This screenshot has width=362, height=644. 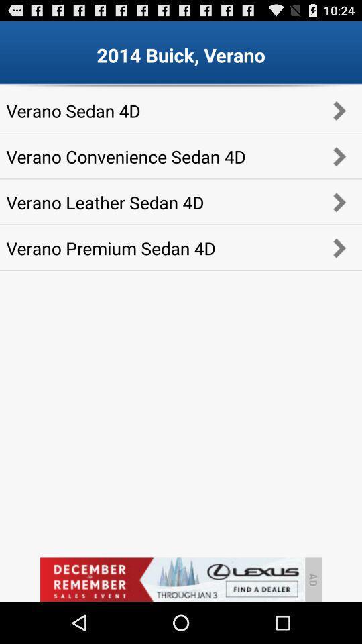 I want to click on open advertisement, so click(x=172, y=579).